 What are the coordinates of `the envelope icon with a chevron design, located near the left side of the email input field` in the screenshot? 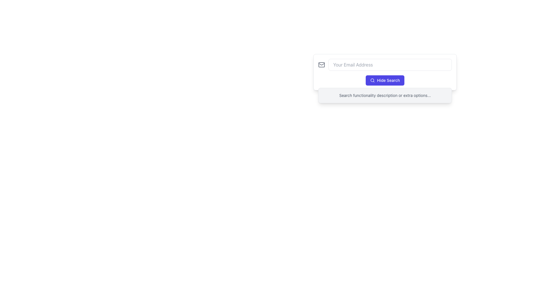 It's located at (322, 64).